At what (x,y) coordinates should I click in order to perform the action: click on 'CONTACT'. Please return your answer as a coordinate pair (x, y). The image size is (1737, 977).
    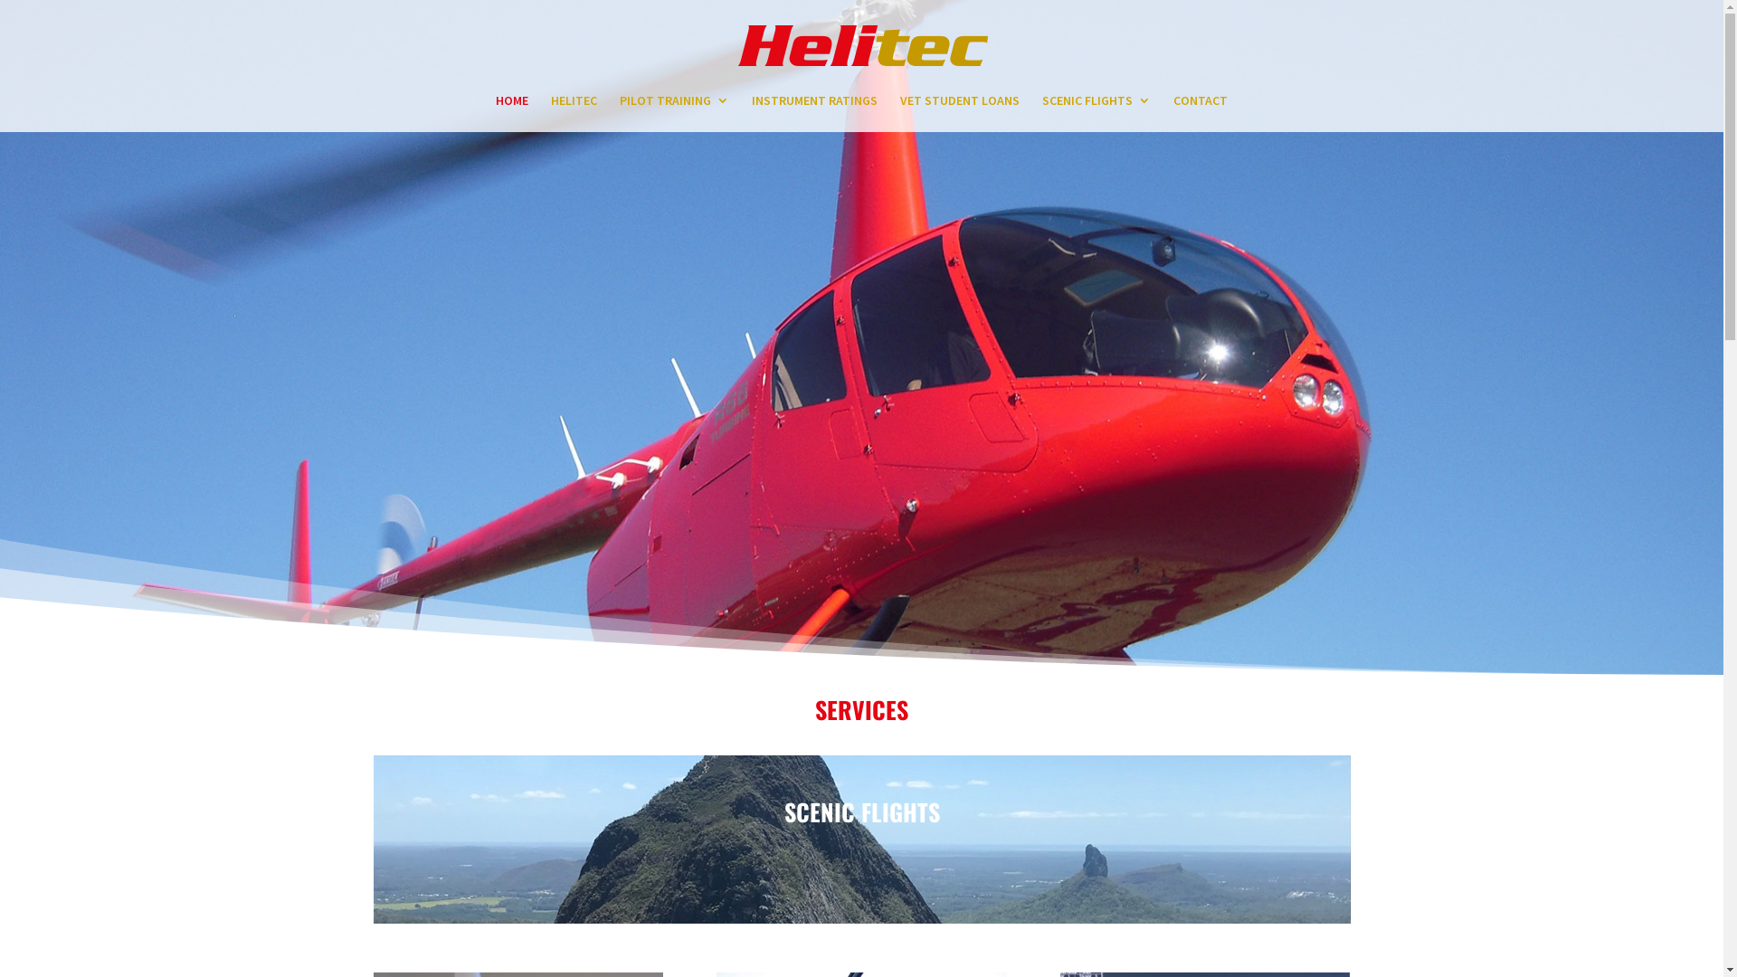
    Looking at the image, I should click on (1200, 112).